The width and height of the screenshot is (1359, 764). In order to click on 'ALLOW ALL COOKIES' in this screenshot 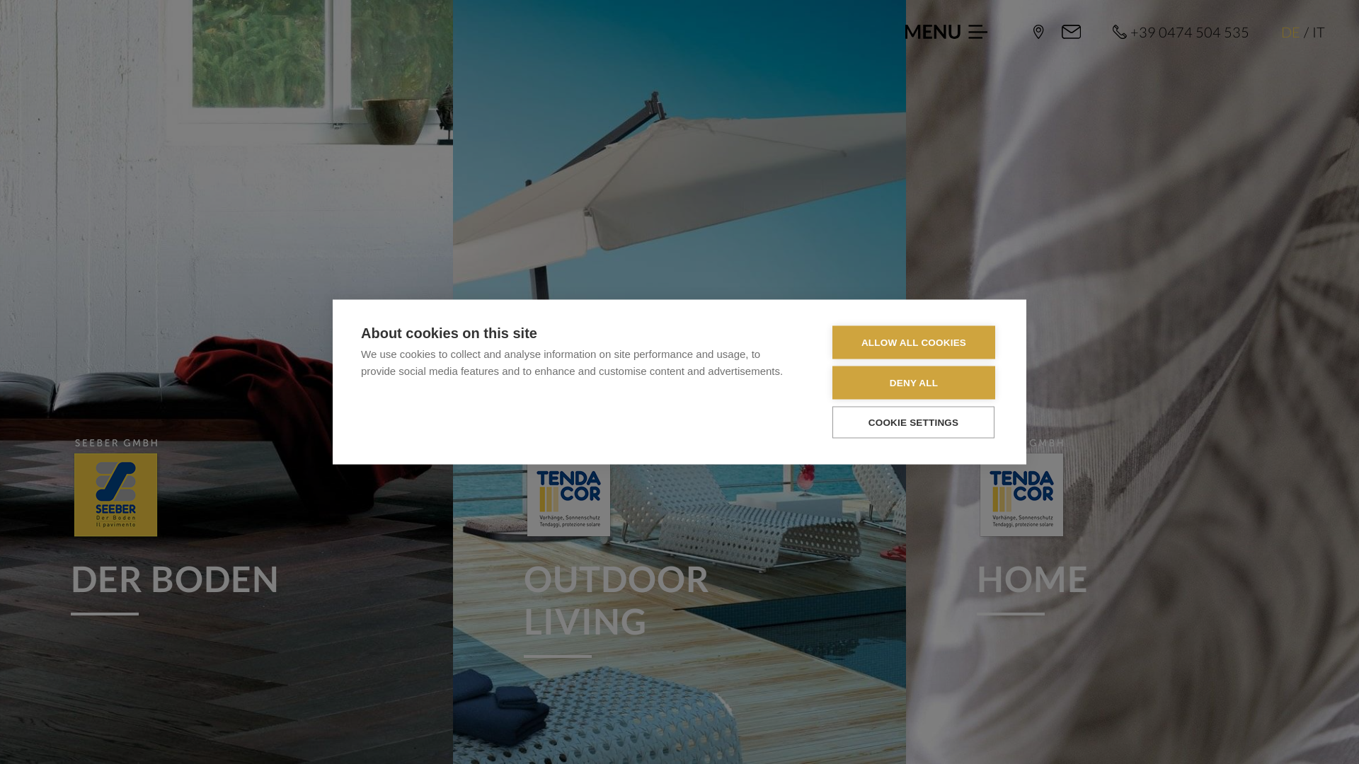, I will do `click(914, 342)`.